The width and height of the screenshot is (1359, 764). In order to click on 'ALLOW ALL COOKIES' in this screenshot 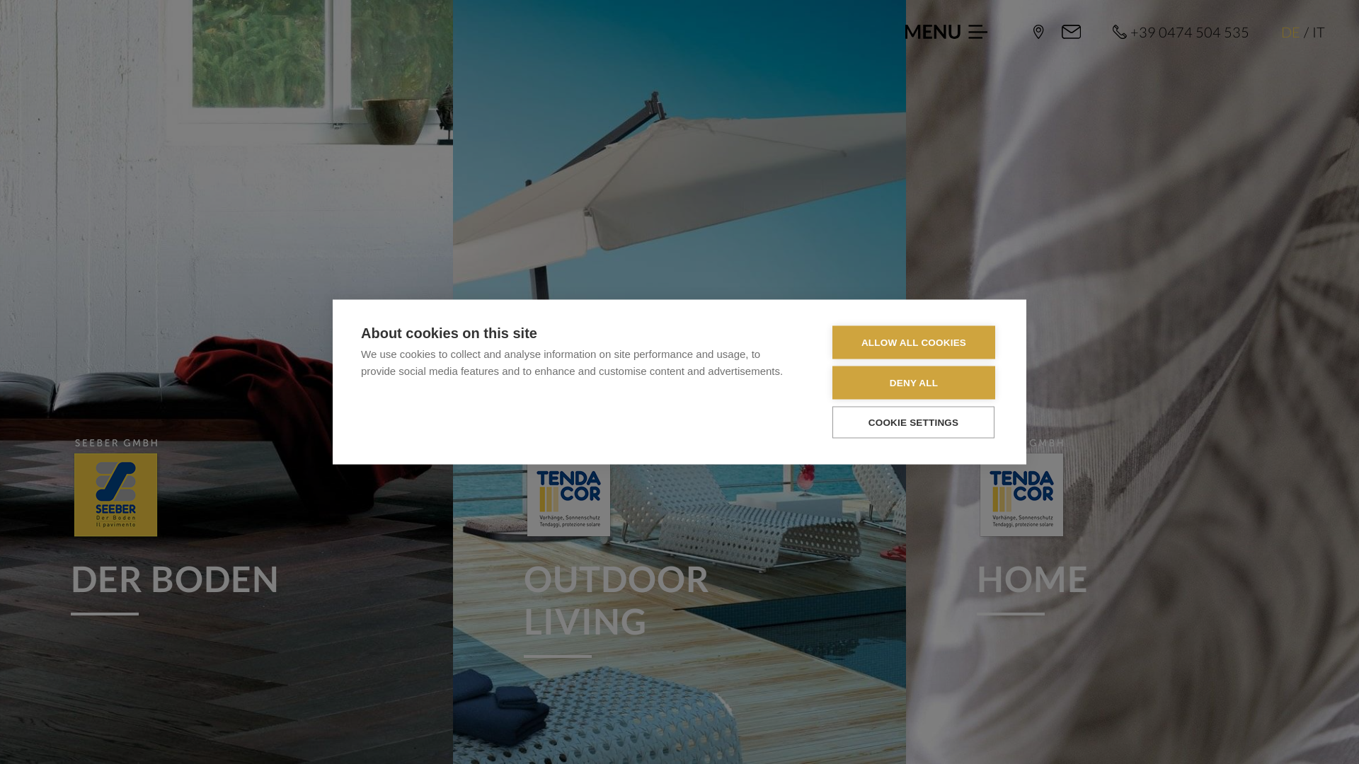, I will do `click(914, 342)`.